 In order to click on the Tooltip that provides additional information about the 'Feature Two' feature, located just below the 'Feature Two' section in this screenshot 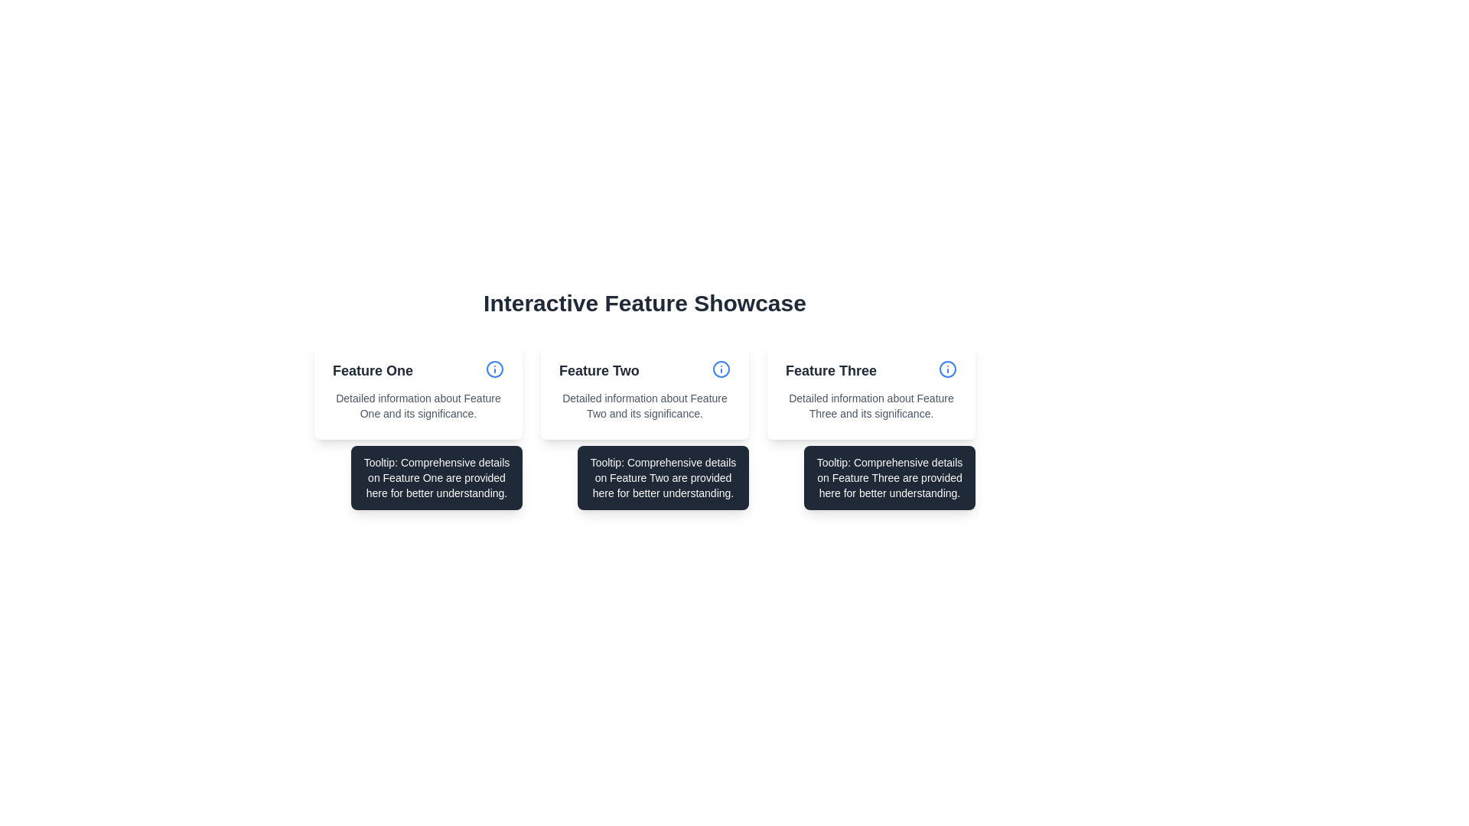, I will do `click(663, 476)`.